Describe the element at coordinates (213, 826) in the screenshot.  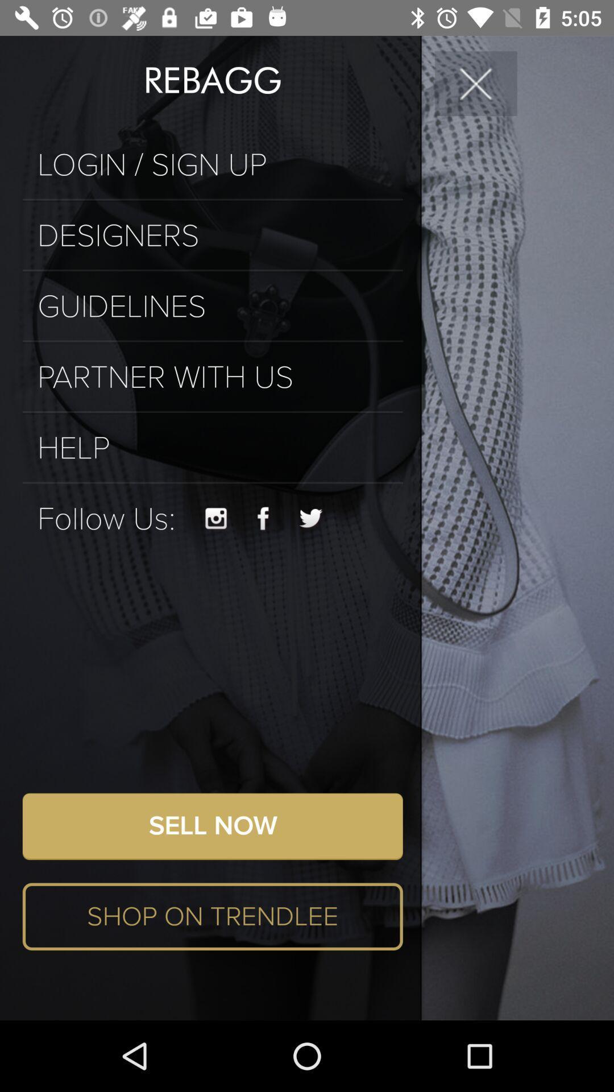
I see `the text option sell now` at that location.